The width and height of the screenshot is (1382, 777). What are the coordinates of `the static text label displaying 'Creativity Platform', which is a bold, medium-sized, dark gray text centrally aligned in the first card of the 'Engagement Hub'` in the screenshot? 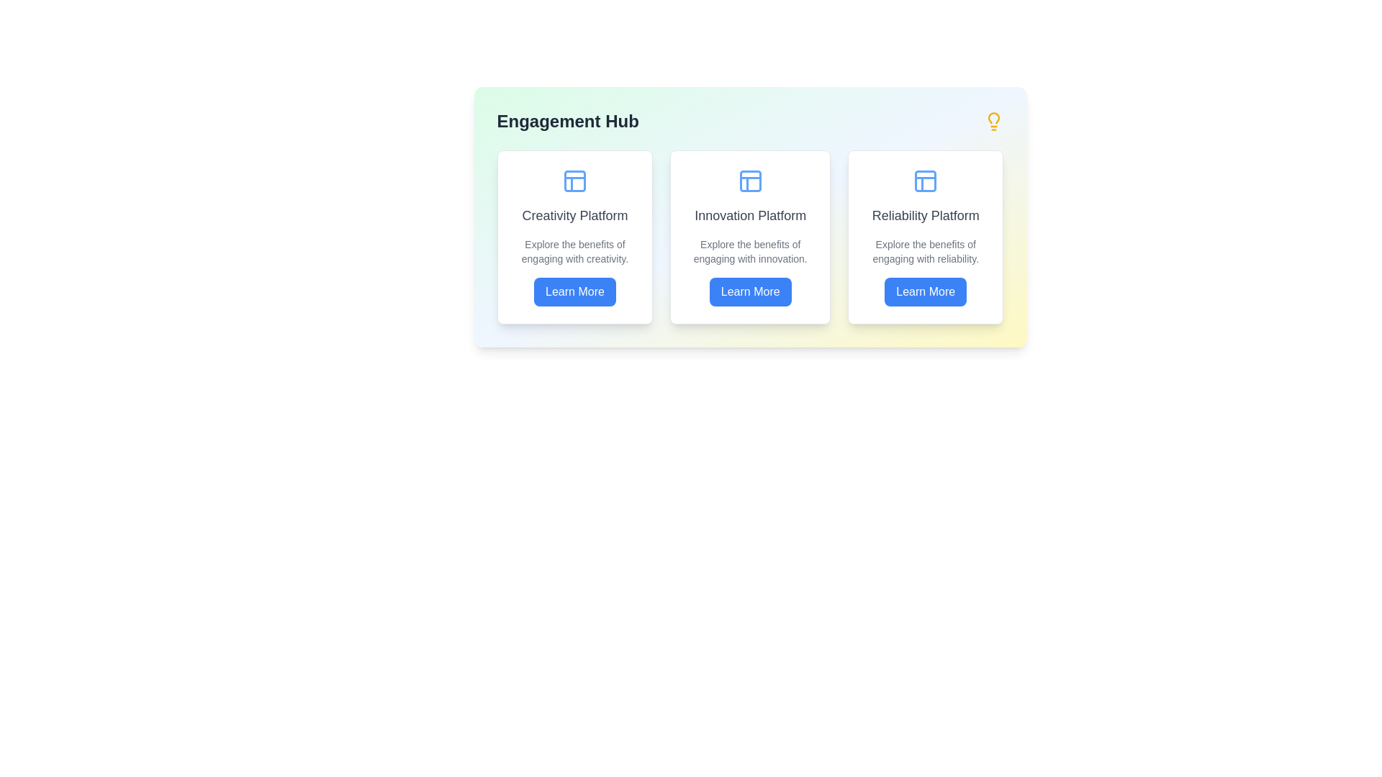 It's located at (574, 216).